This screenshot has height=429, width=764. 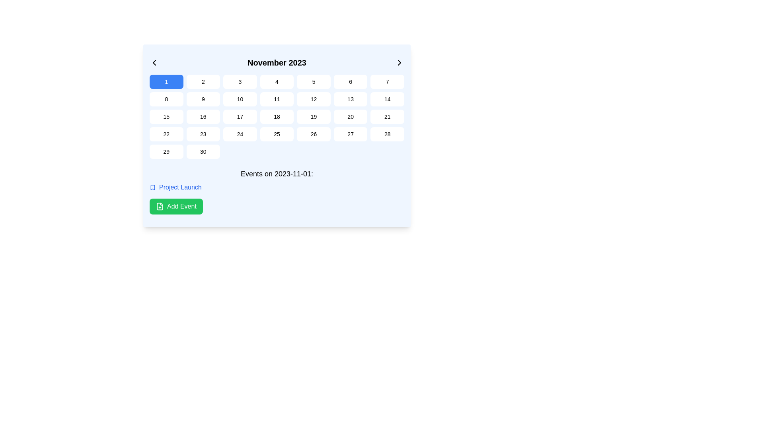 I want to click on the selectable date button for the date '21' located in the third row and seventh column of the calendar grid, so click(x=387, y=116).